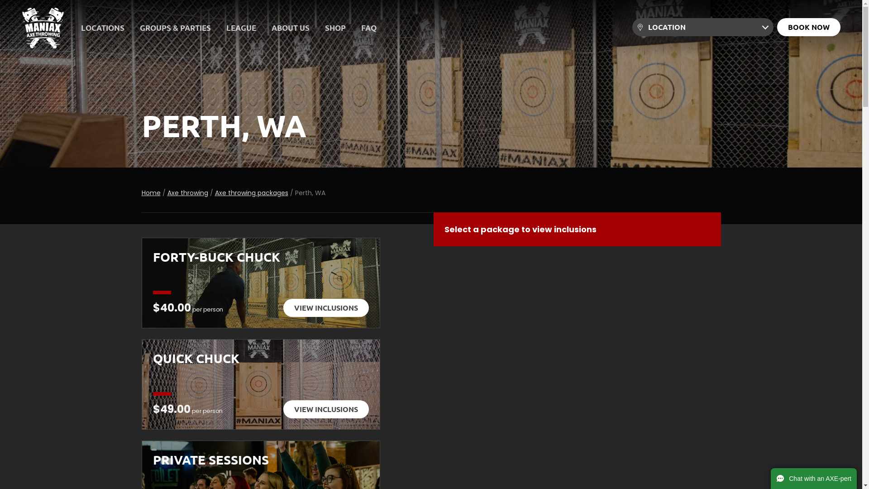  What do you see at coordinates (808, 27) in the screenshot?
I see `'BOOK NOW'` at bounding box center [808, 27].